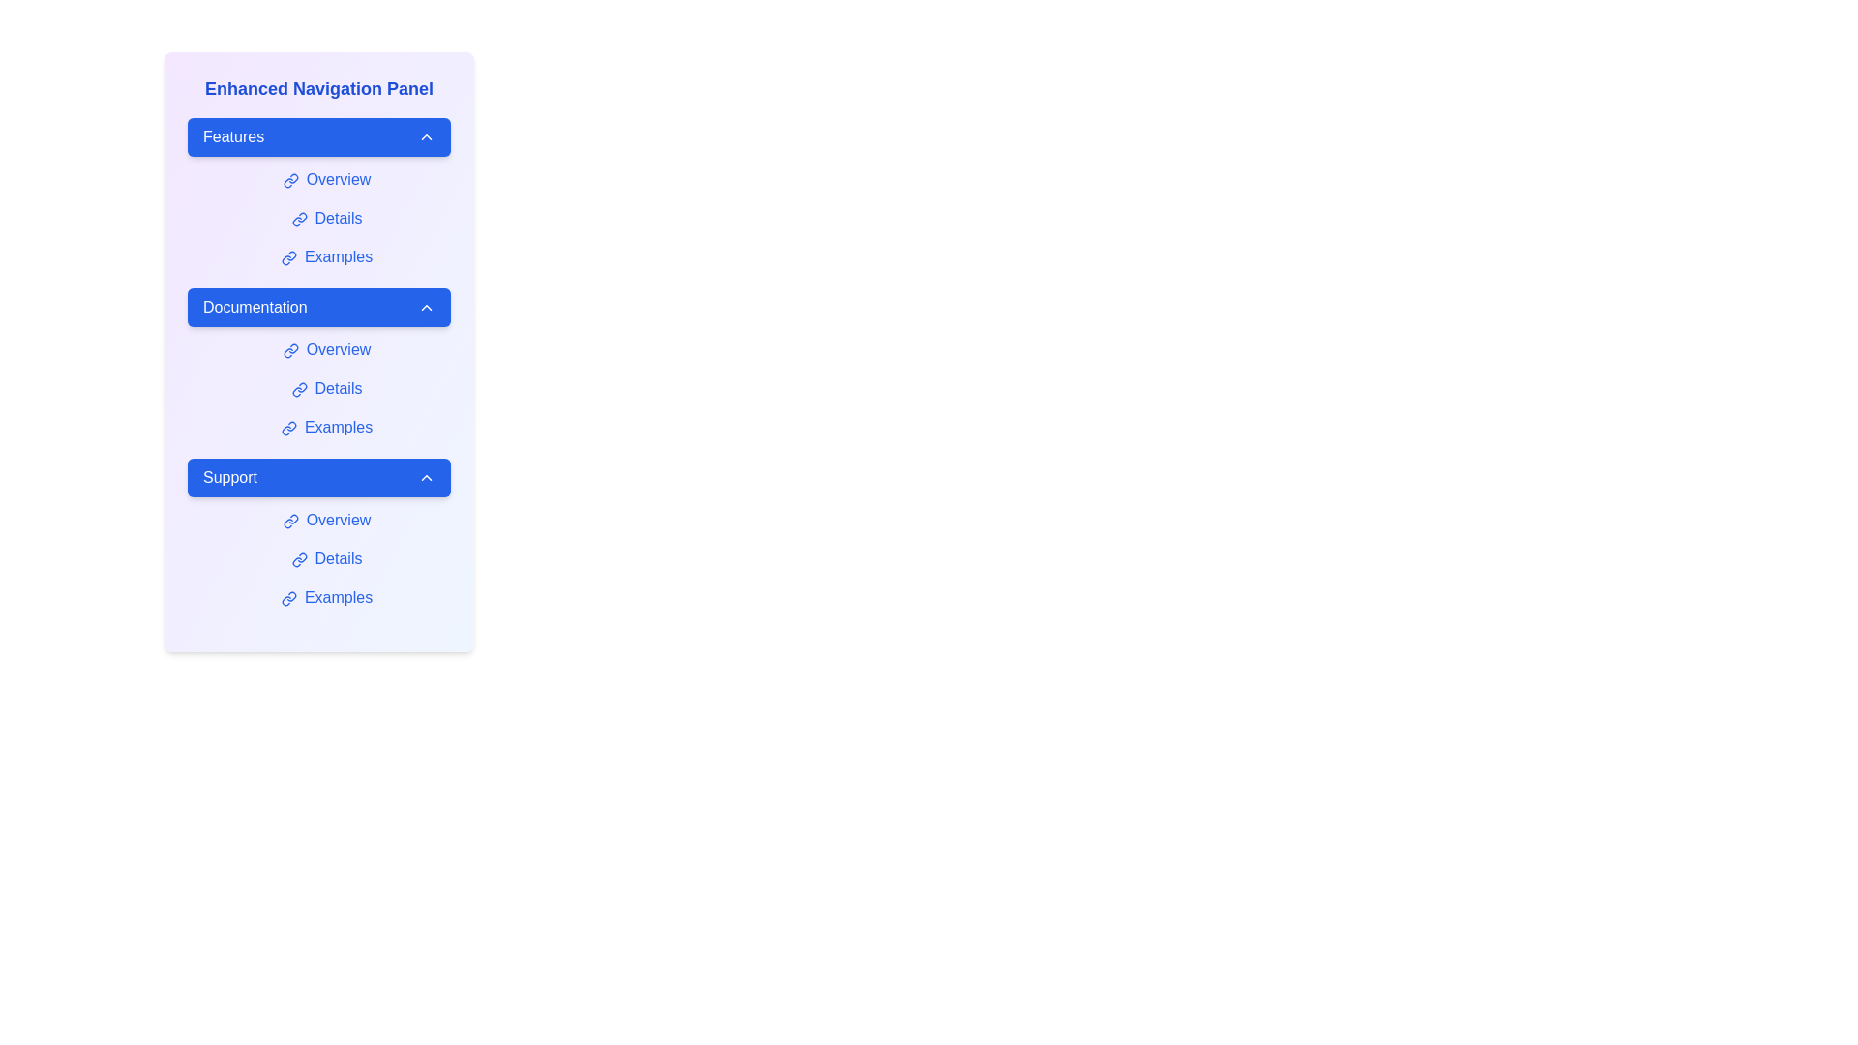 The height and width of the screenshot is (1045, 1858). Describe the element at coordinates (319, 136) in the screenshot. I see `the 'Features' collapsible button in the Enhanced Navigation Panel` at that location.